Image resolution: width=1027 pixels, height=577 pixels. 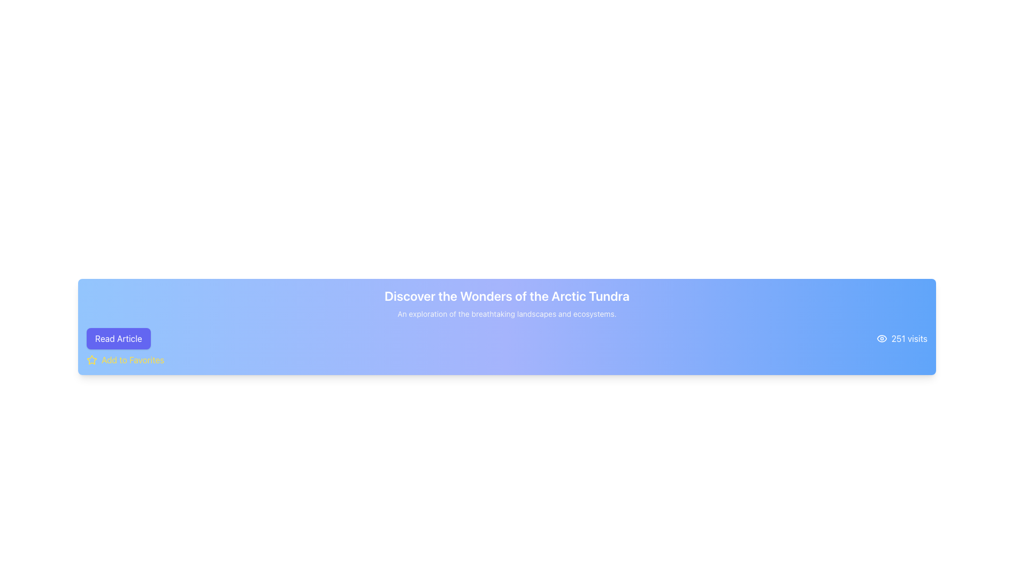 I want to click on the star-shaped icon located to the left of the 'Add to Favorites' button, so click(x=92, y=360).